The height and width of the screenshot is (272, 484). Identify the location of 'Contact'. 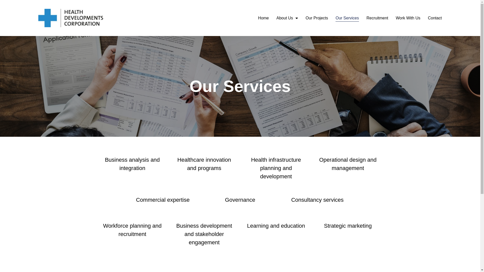
(434, 18).